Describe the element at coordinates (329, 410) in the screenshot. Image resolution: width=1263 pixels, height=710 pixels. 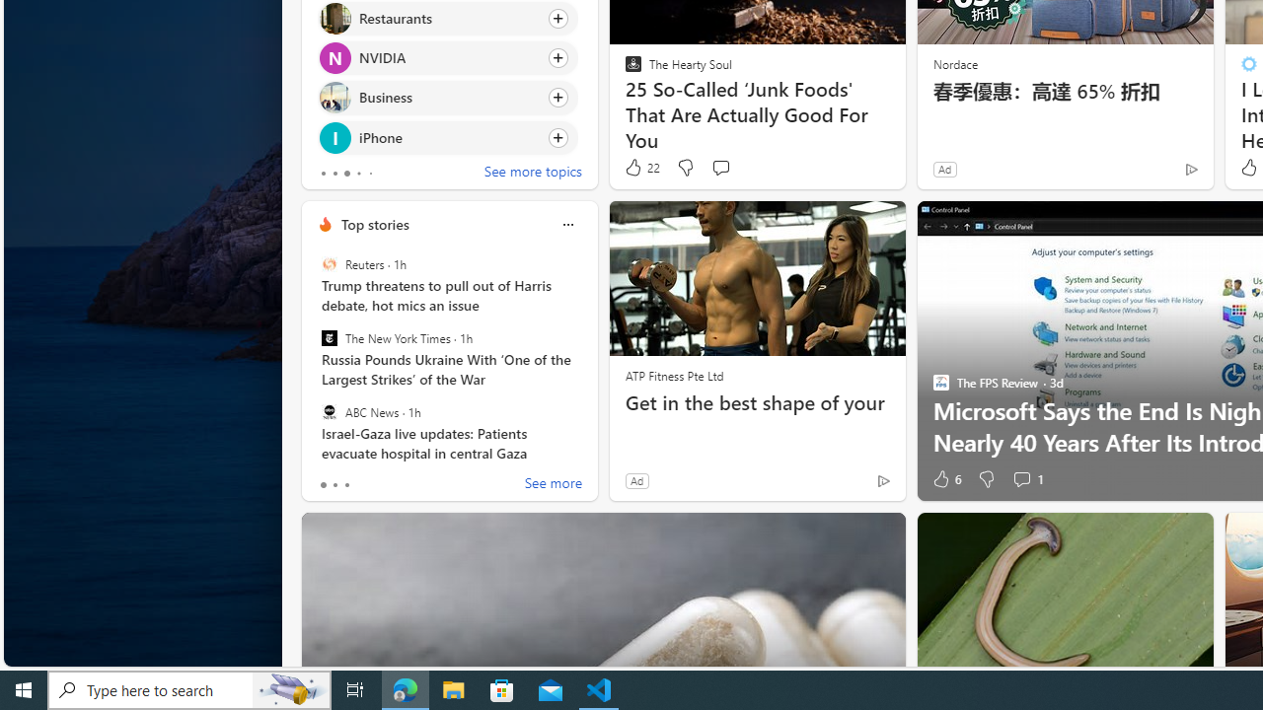
I see `'ABC News'` at that location.